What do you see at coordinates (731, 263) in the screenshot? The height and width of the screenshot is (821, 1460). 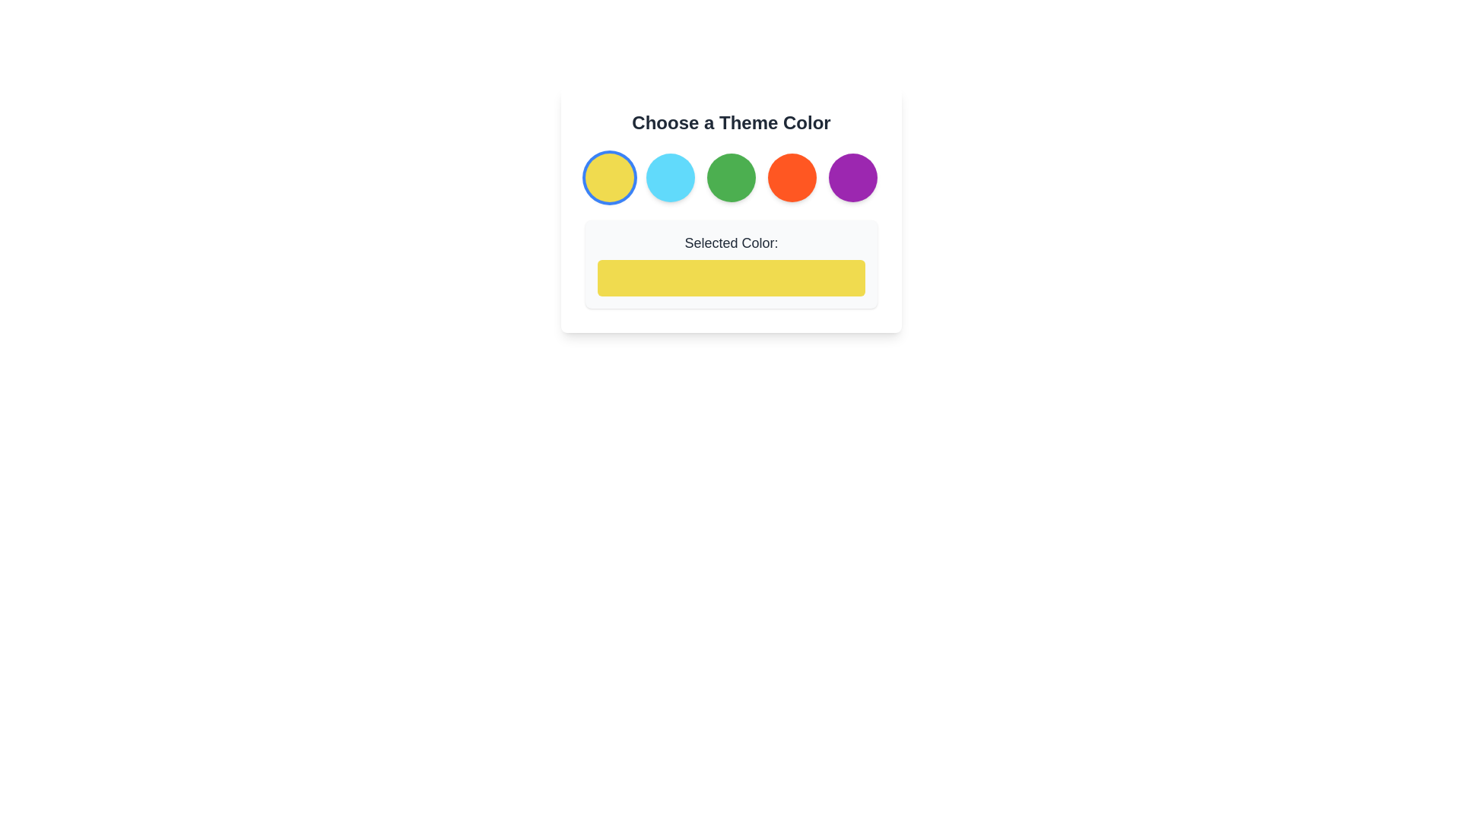 I see `the informational display area that shows the currently selected color, located below the circular color selectors and within the 'Choose a Theme Color' card` at bounding box center [731, 263].